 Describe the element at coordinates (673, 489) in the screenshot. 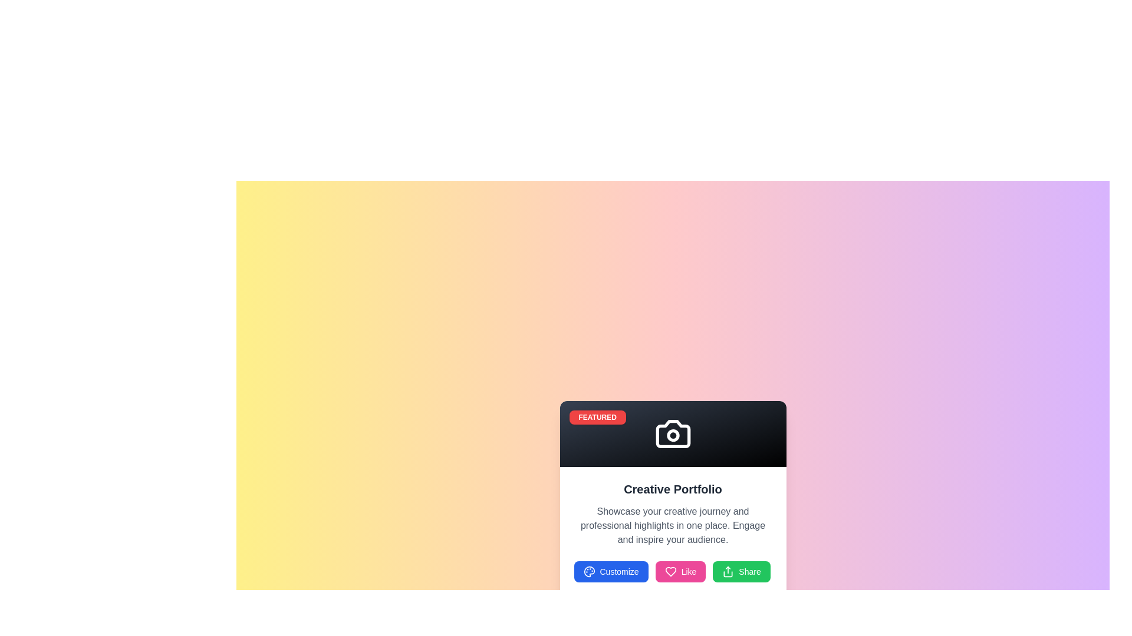

I see `the 'Creative Portfolio' text label, which serves as the main title for the section, positioned below an icon and a 'FEATURED' label` at that location.